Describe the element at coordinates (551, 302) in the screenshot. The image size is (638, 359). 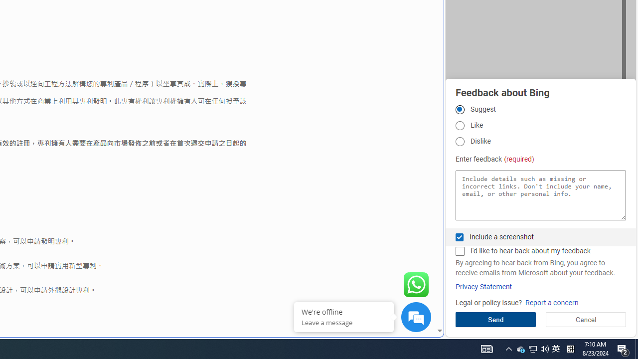
I see `'Report a concern'` at that location.